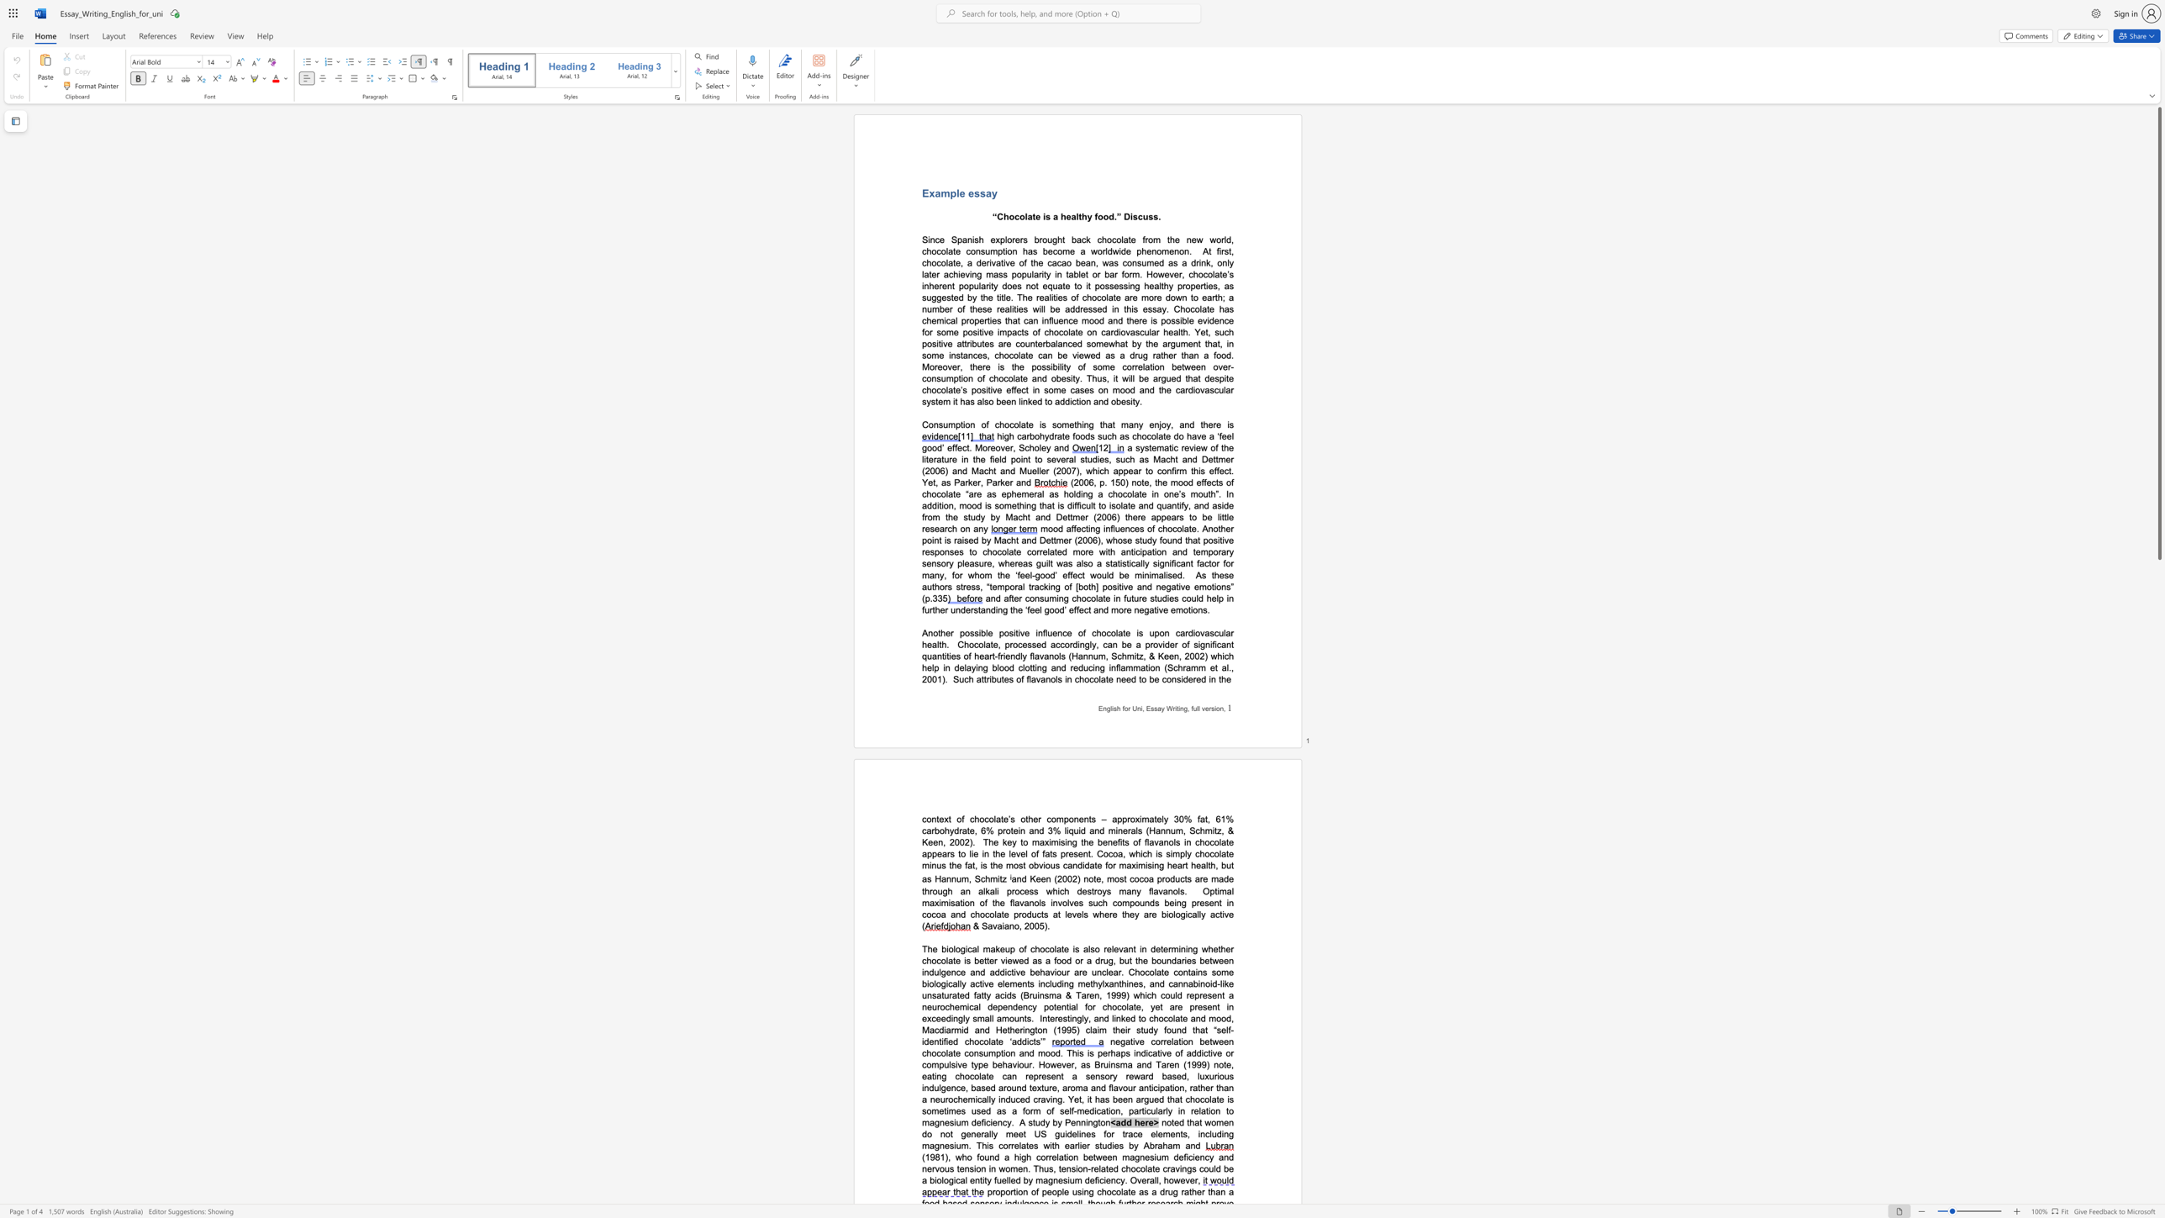 This screenshot has width=2165, height=1218. Describe the element at coordinates (2158, 725) in the screenshot. I see `the side scrollbar to bring the page down` at that location.